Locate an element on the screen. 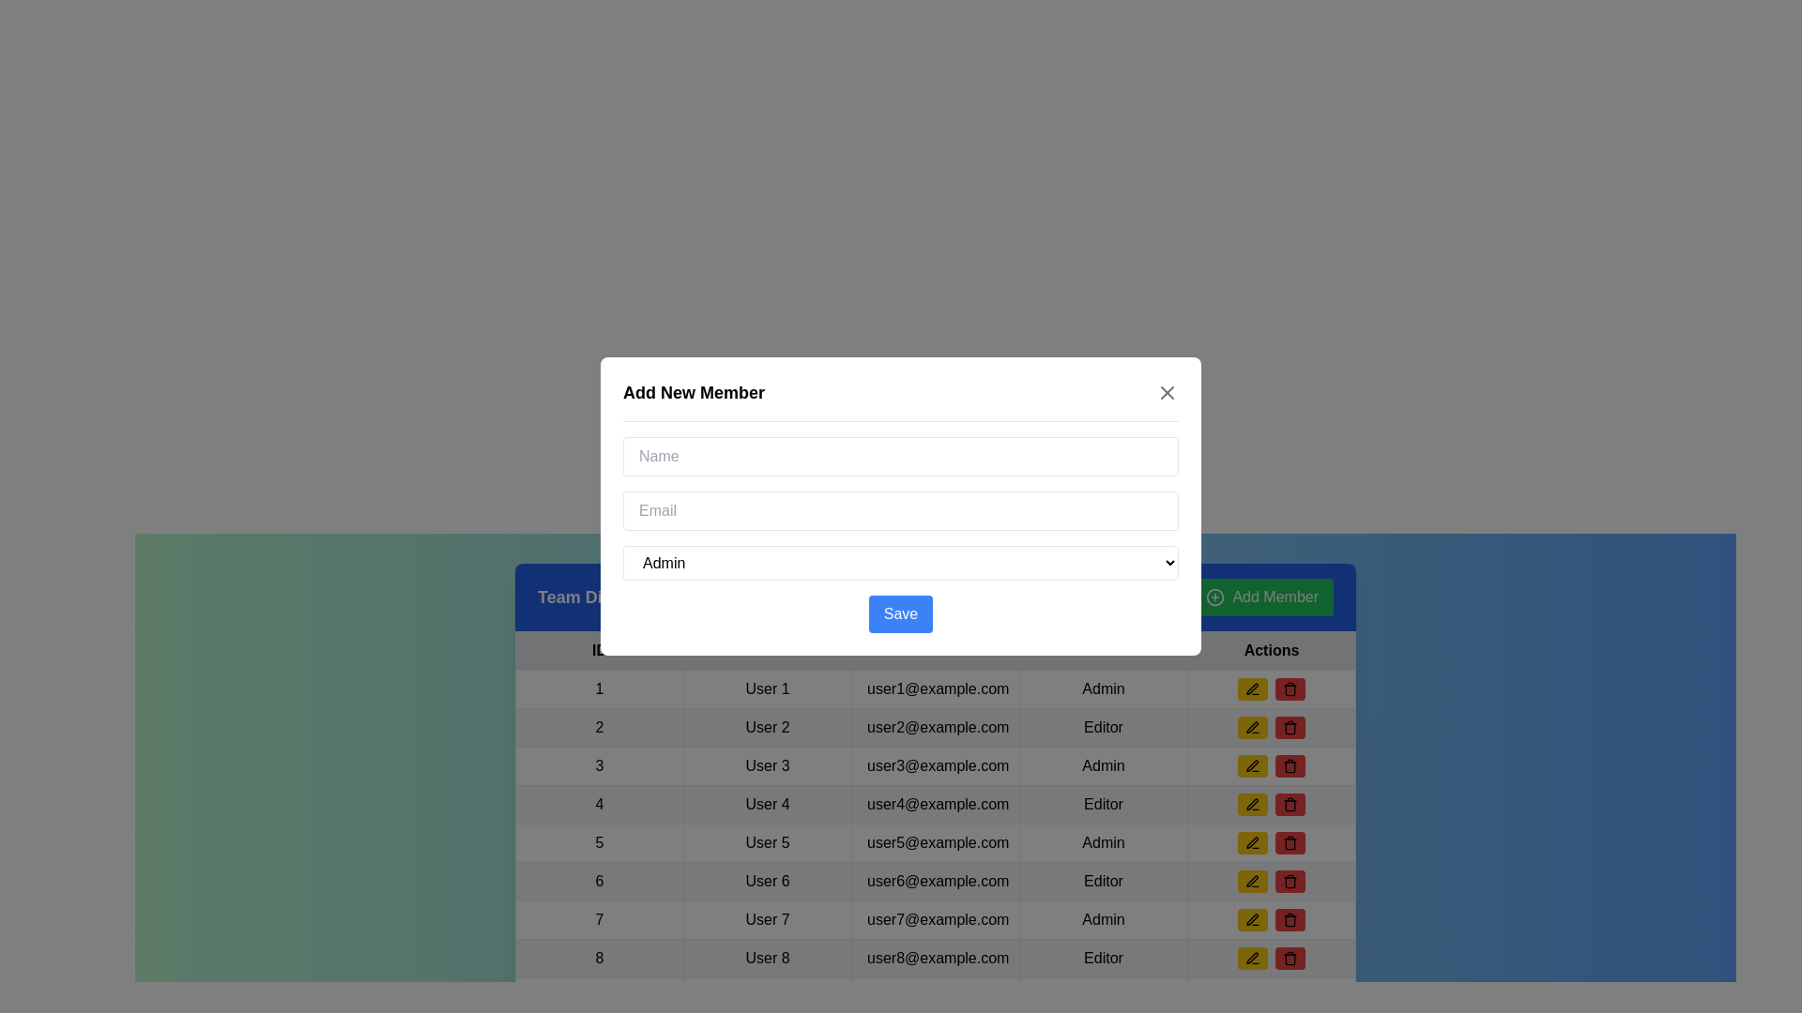 Image resolution: width=1802 pixels, height=1013 pixels. value '7' from the table cell displaying the number '7' in the first column of the 'ID' row for 'User 7' is located at coordinates (598, 918).